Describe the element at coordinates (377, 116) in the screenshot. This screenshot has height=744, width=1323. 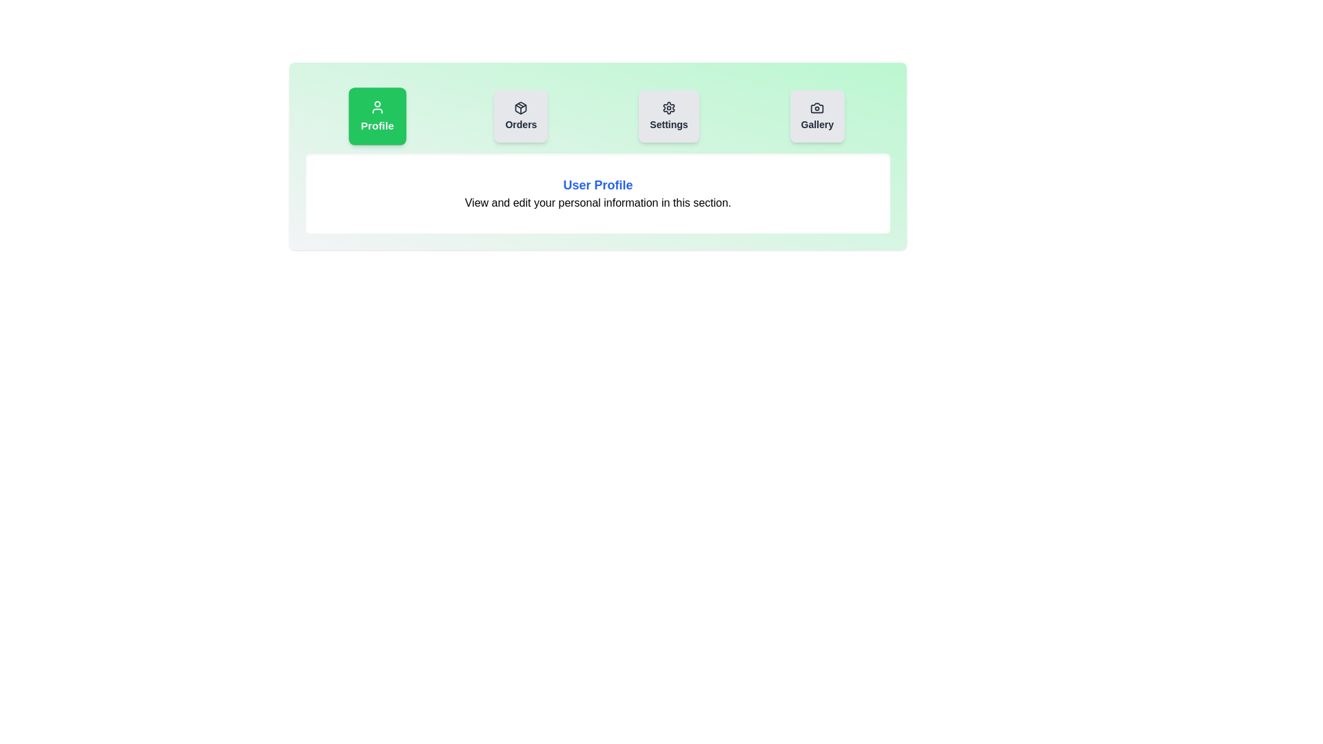
I see `the tab labeled Profile` at that location.